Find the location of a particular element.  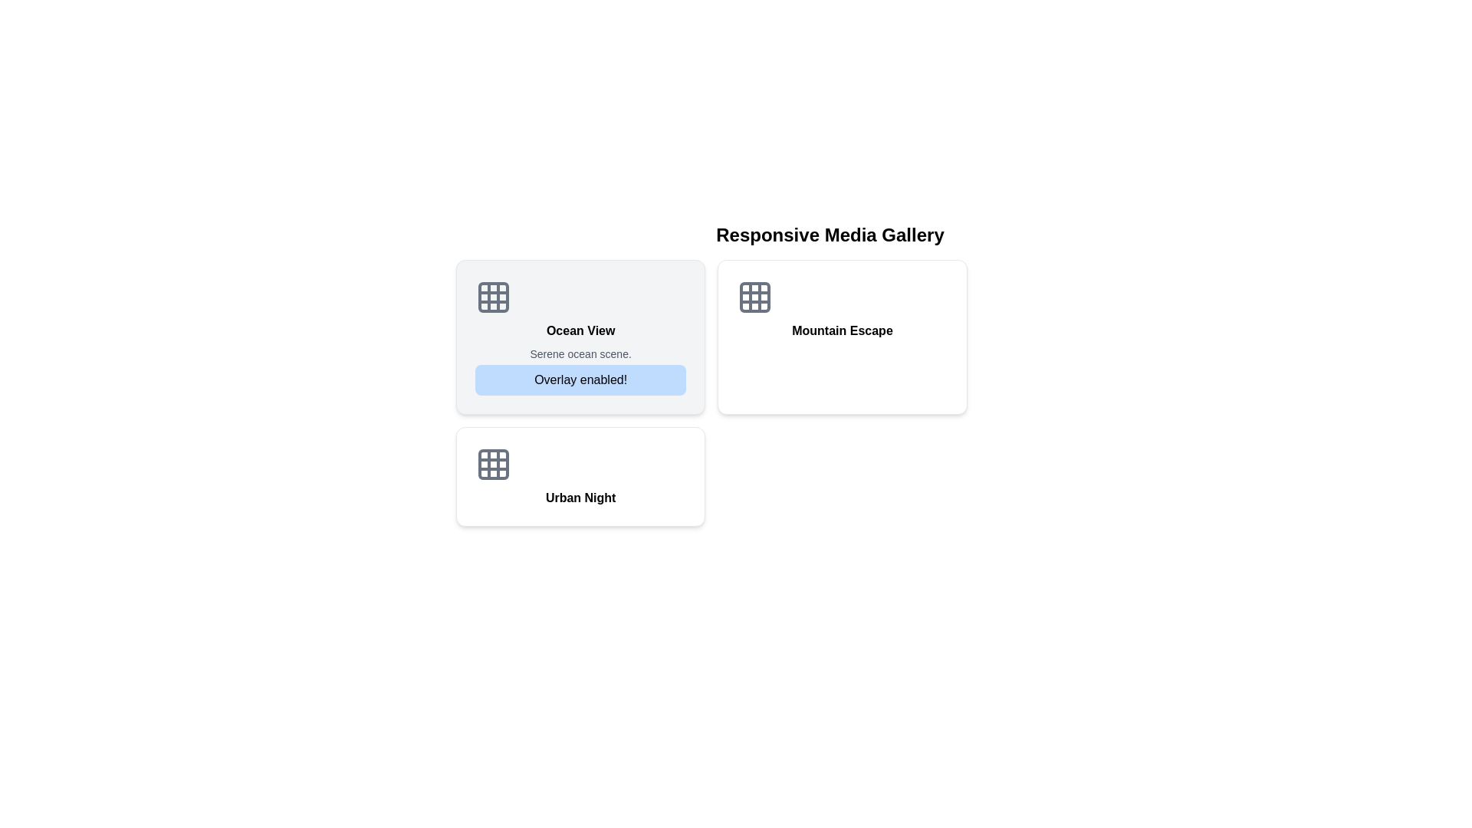

the first media card in the grid layout, located in the top-left corner is located at coordinates (580, 336).